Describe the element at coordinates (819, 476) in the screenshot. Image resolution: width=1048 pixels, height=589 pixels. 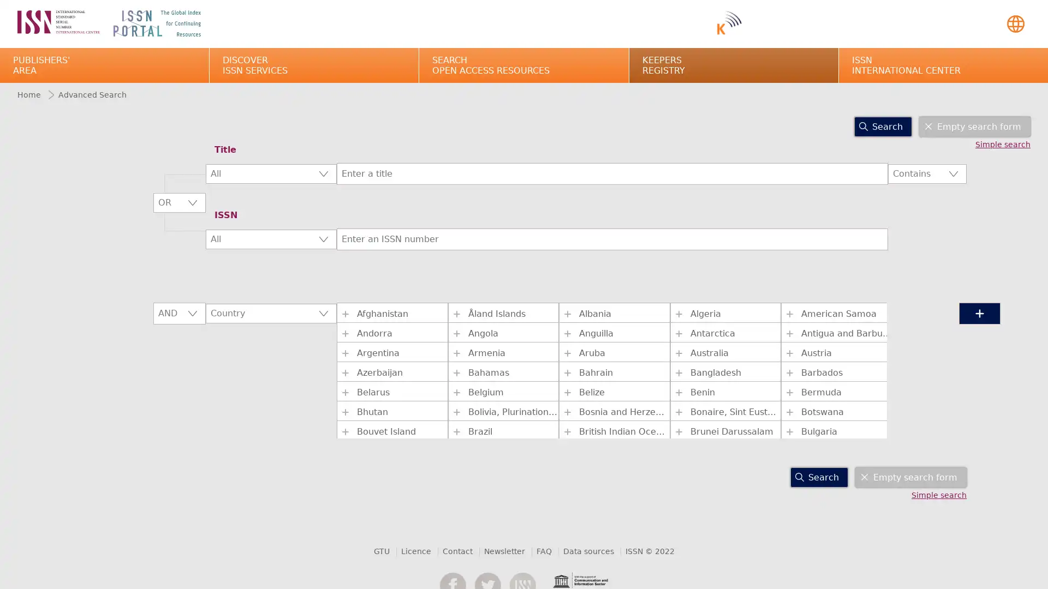
I see `Search` at that location.